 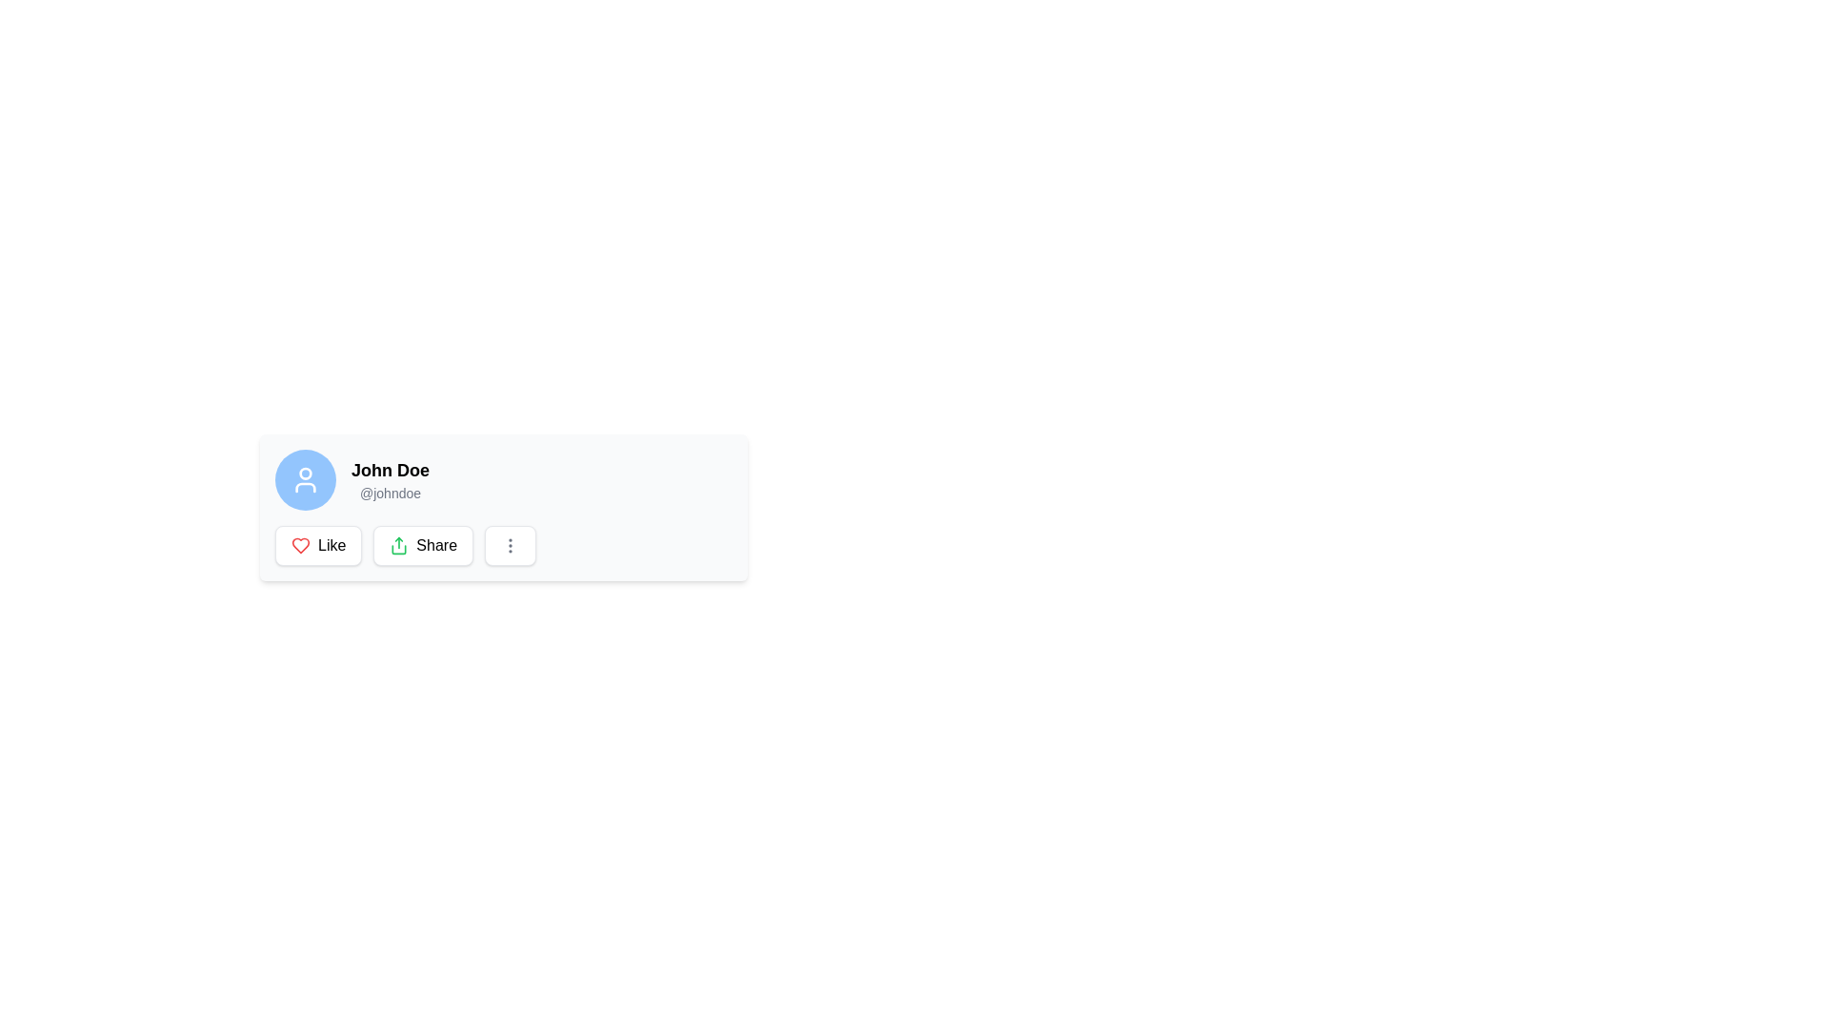 I want to click on the circular graphic element located within the user profile avatar icon, which is to the left of the username and user handle, so click(x=306, y=473).